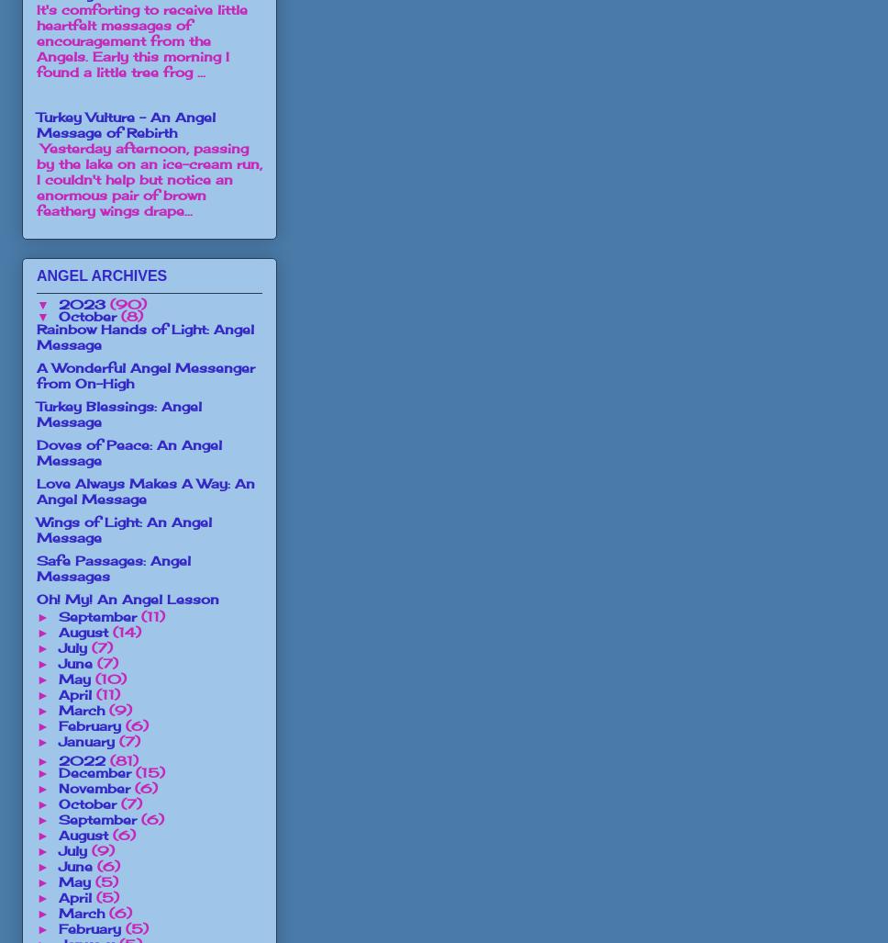 The image size is (888, 943). I want to click on '2023', so click(83, 302).